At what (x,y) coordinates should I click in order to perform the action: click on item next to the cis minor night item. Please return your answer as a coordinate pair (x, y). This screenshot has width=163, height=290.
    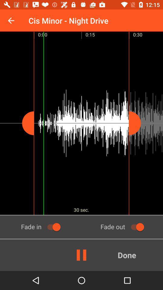
    Looking at the image, I should click on (11, 21).